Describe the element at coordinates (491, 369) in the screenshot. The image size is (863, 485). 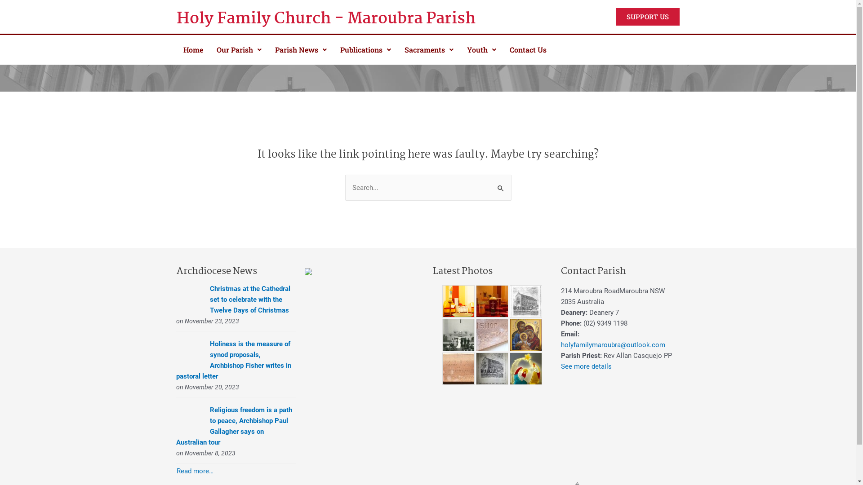
I see `'History Booklet'` at that location.